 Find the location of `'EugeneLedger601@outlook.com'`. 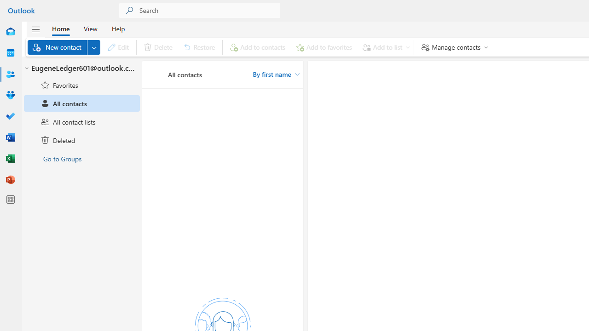

'EugeneLedger601@outlook.com' is located at coordinates (82, 68).